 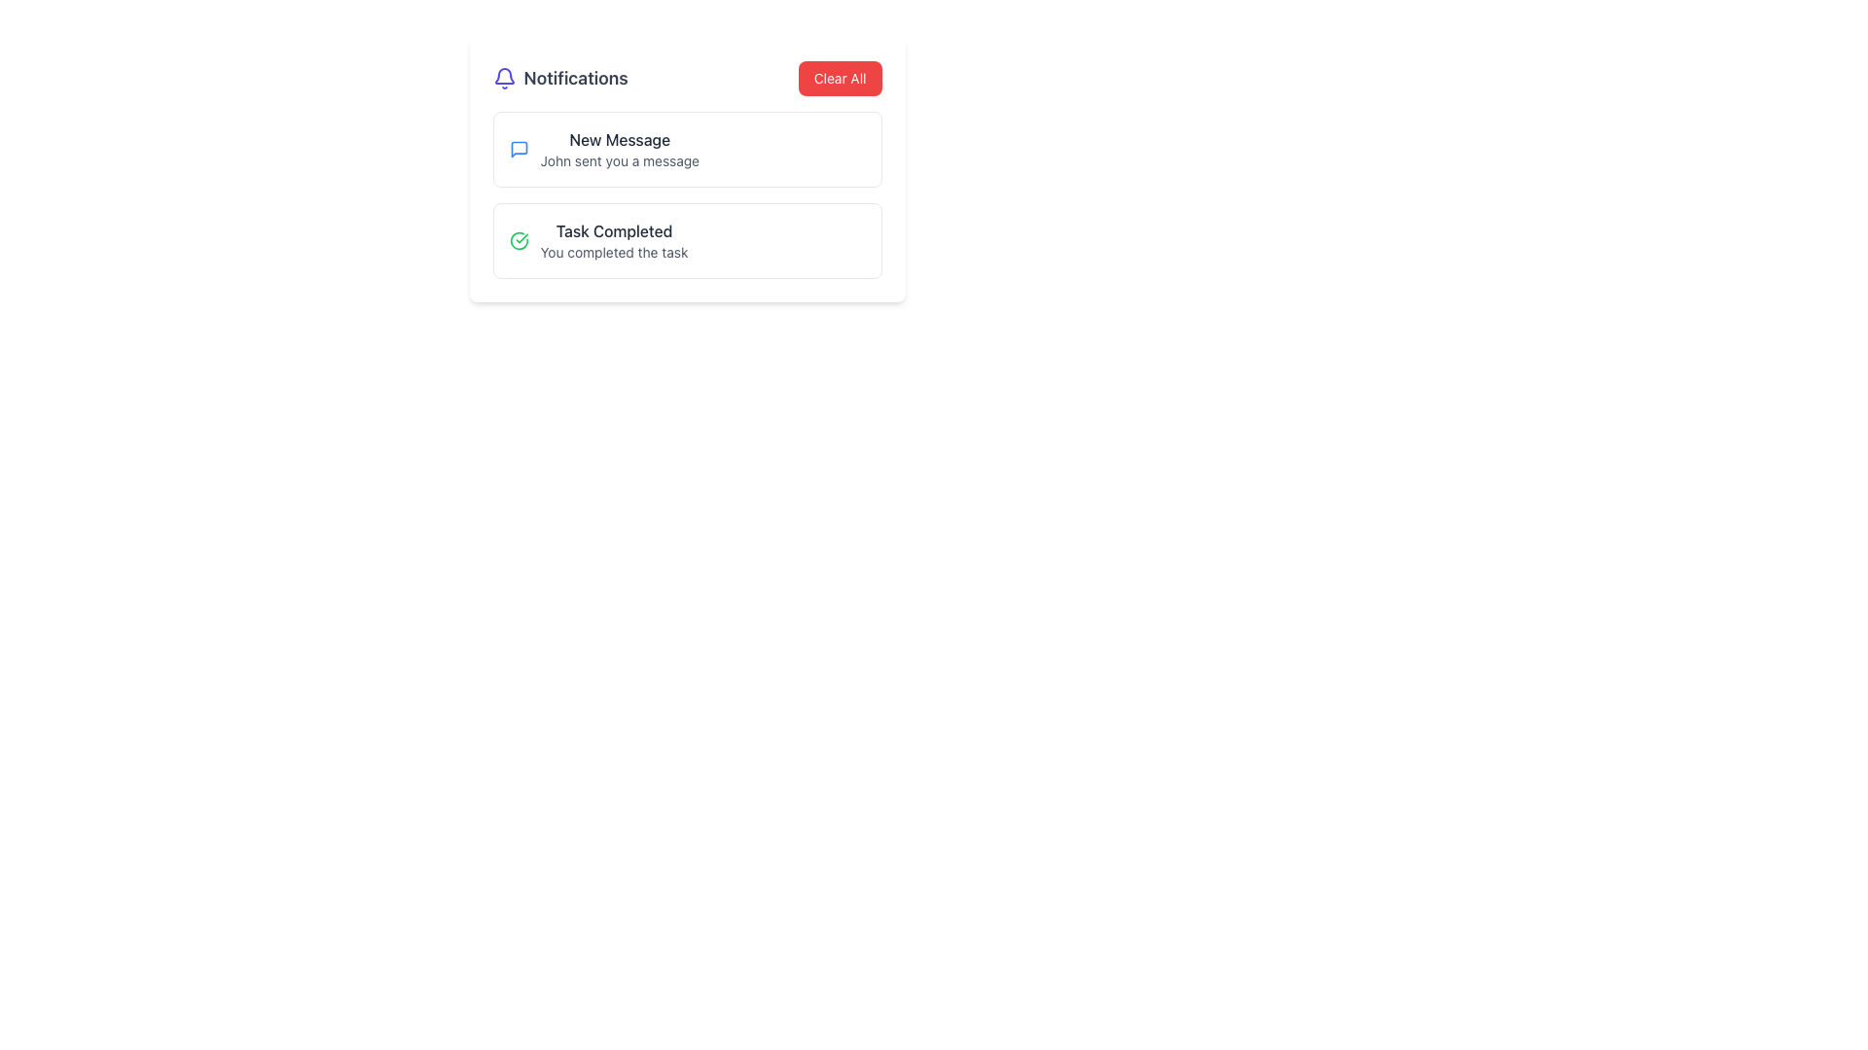 I want to click on the clear notifications button located in the top-right corner of the notification section, directly to the right of the bell icon and the label 'Notifications', so click(x=840, y=78).